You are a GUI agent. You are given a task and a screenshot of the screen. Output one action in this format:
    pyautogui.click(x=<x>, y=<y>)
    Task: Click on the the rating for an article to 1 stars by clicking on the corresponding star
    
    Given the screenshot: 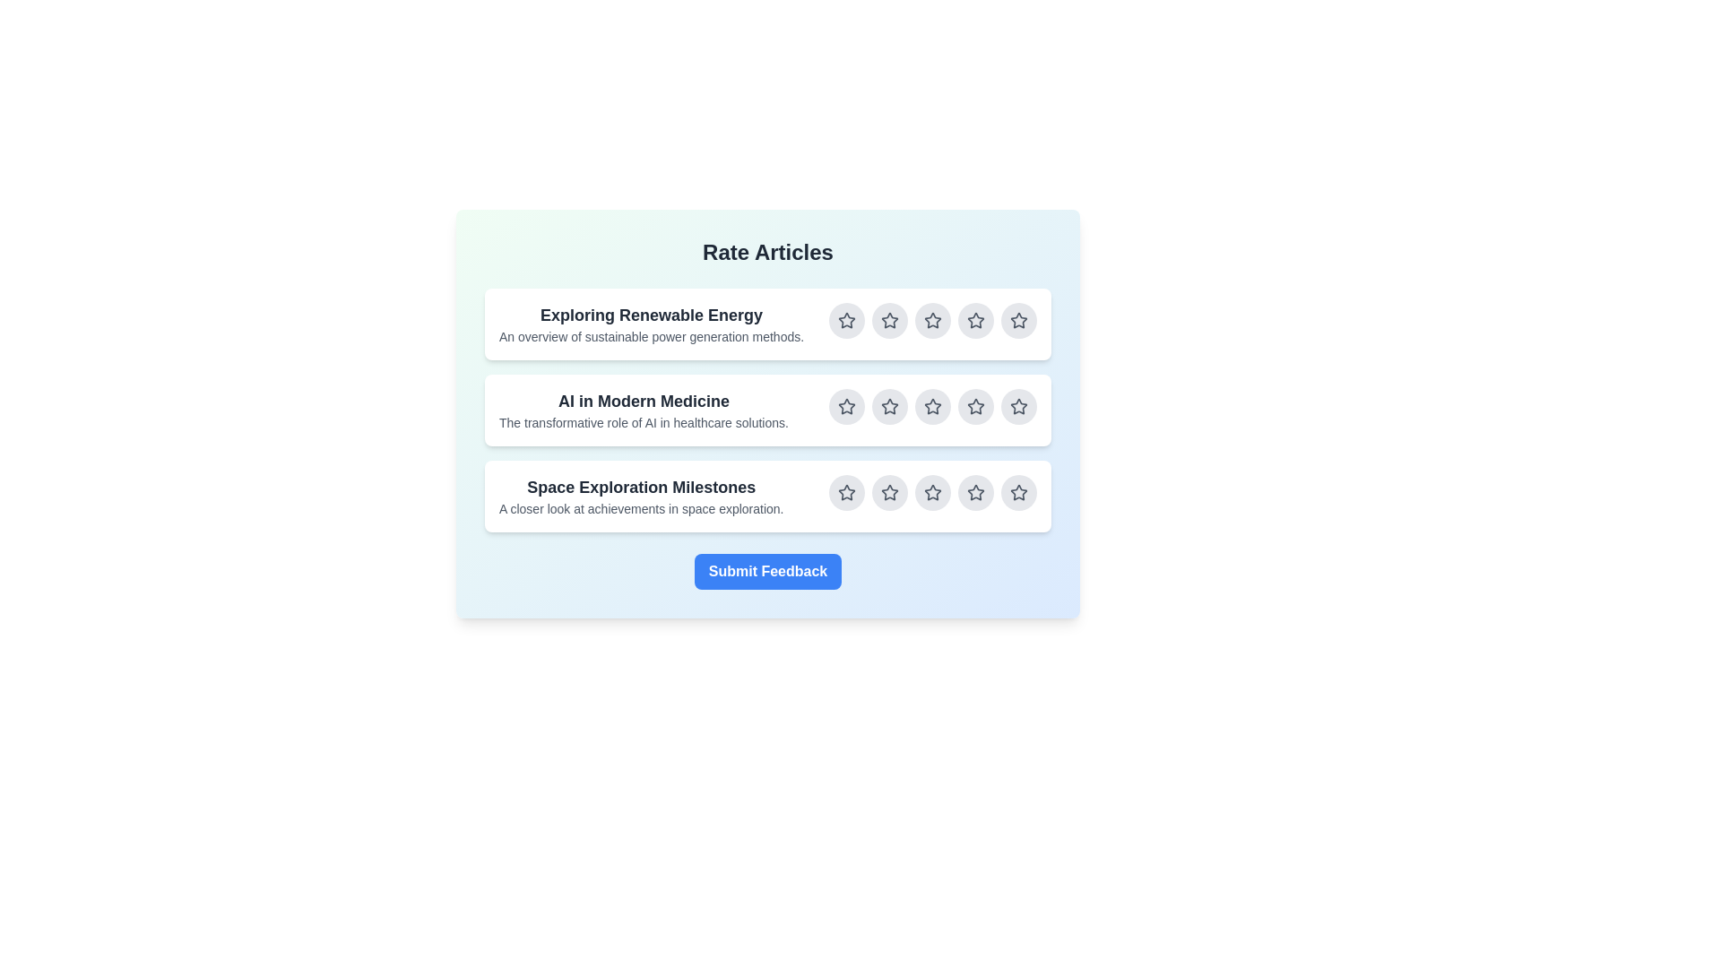 What is the action you would take?
    pyautogui.click(x=846, y=320)
    